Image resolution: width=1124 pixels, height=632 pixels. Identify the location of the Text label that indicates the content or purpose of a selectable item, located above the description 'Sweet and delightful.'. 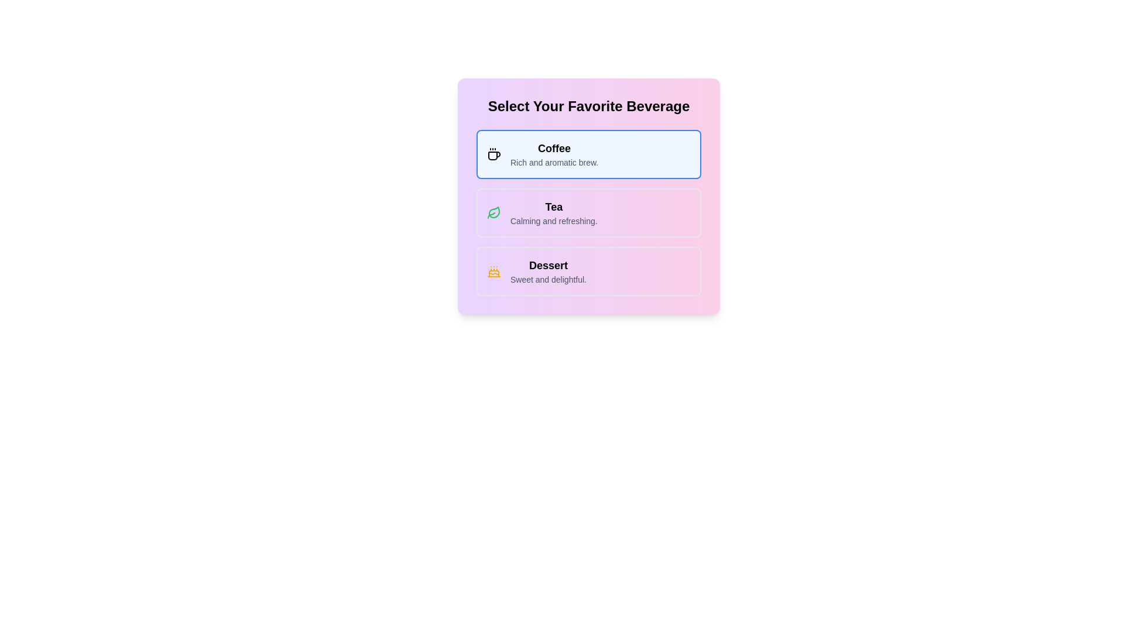
(547, 266).